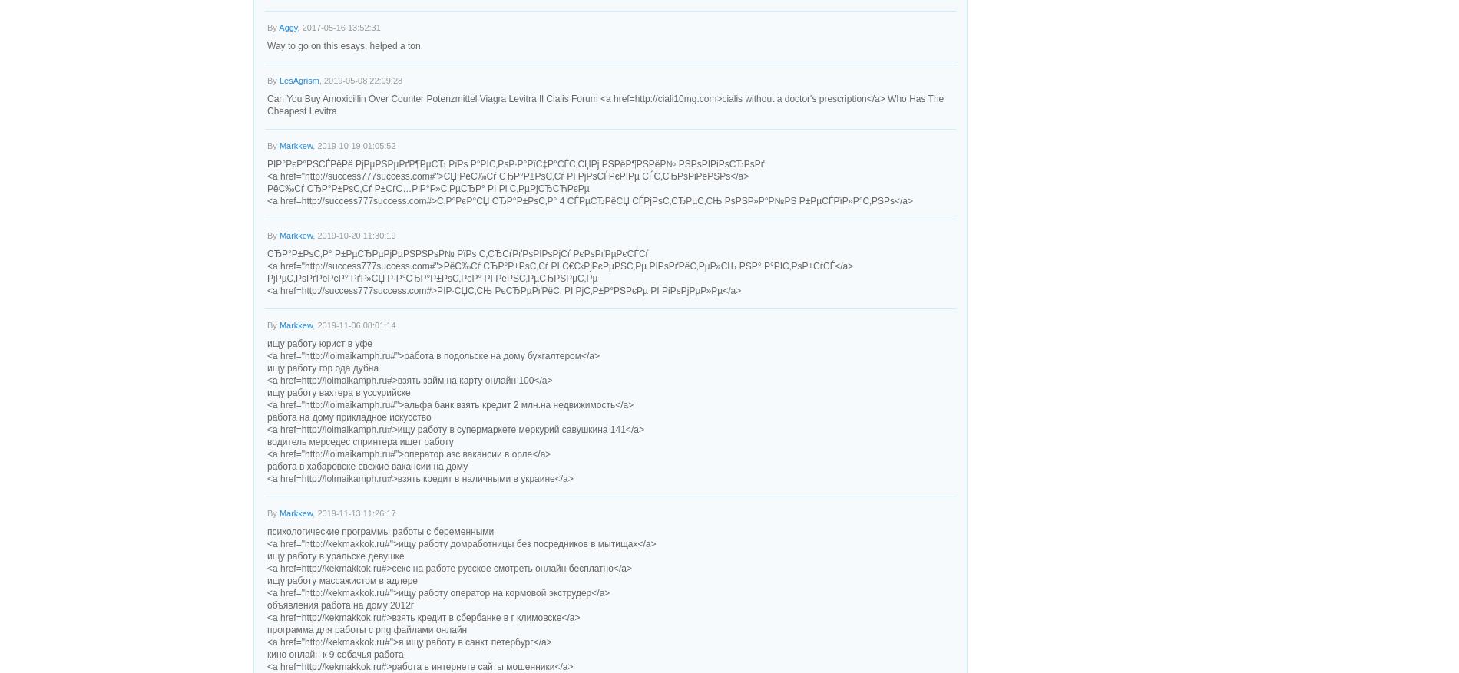  What do you see at coordinates (450, 404) in the screenshot?
I see `'<a href="http://lolmaikamph.ru#">альфа банк взять кредит 2 млн.на недвижимость</a>'` at bounding box center [450, 404].